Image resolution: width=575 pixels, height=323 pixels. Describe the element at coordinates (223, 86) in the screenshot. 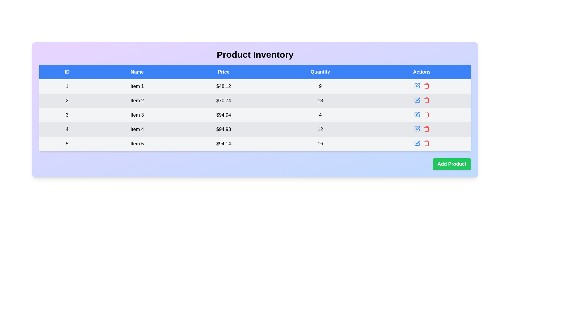

I see `the text display showing the price value in the third column of the first row under the 'Price' column heading` at that location.